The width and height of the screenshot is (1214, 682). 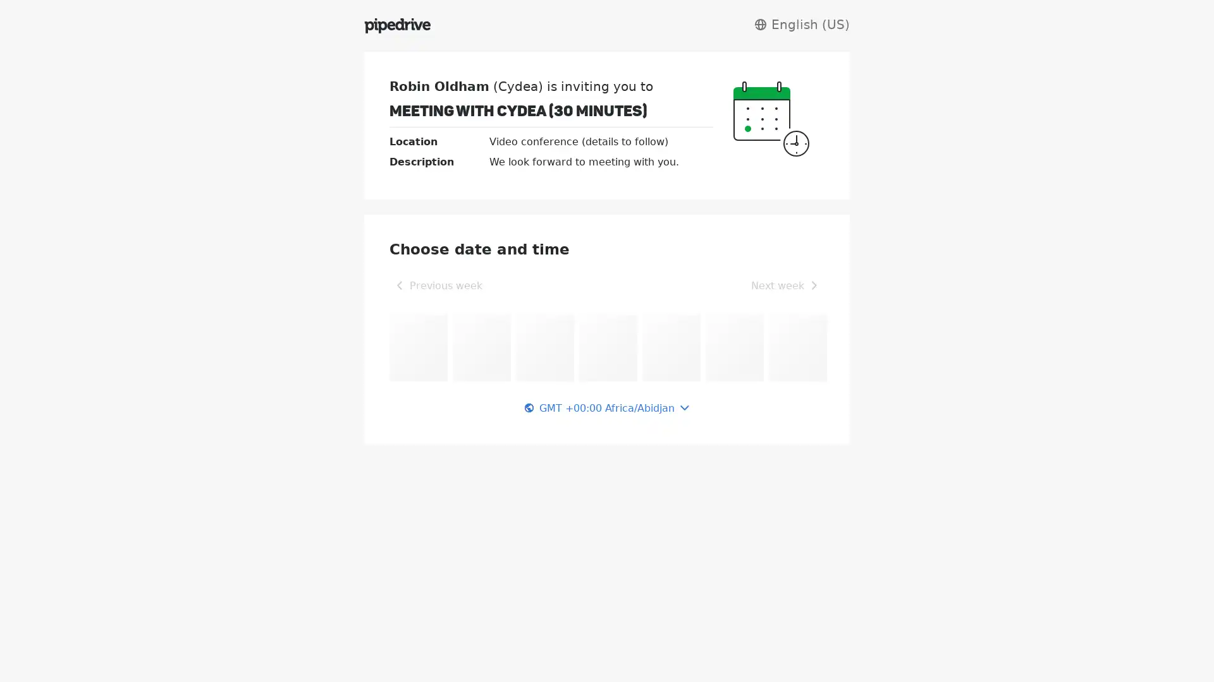 What do you see at coordinates (983, 648) in the screenshot?
I see `Accept All Cookies` at bounding box center [983, 648].